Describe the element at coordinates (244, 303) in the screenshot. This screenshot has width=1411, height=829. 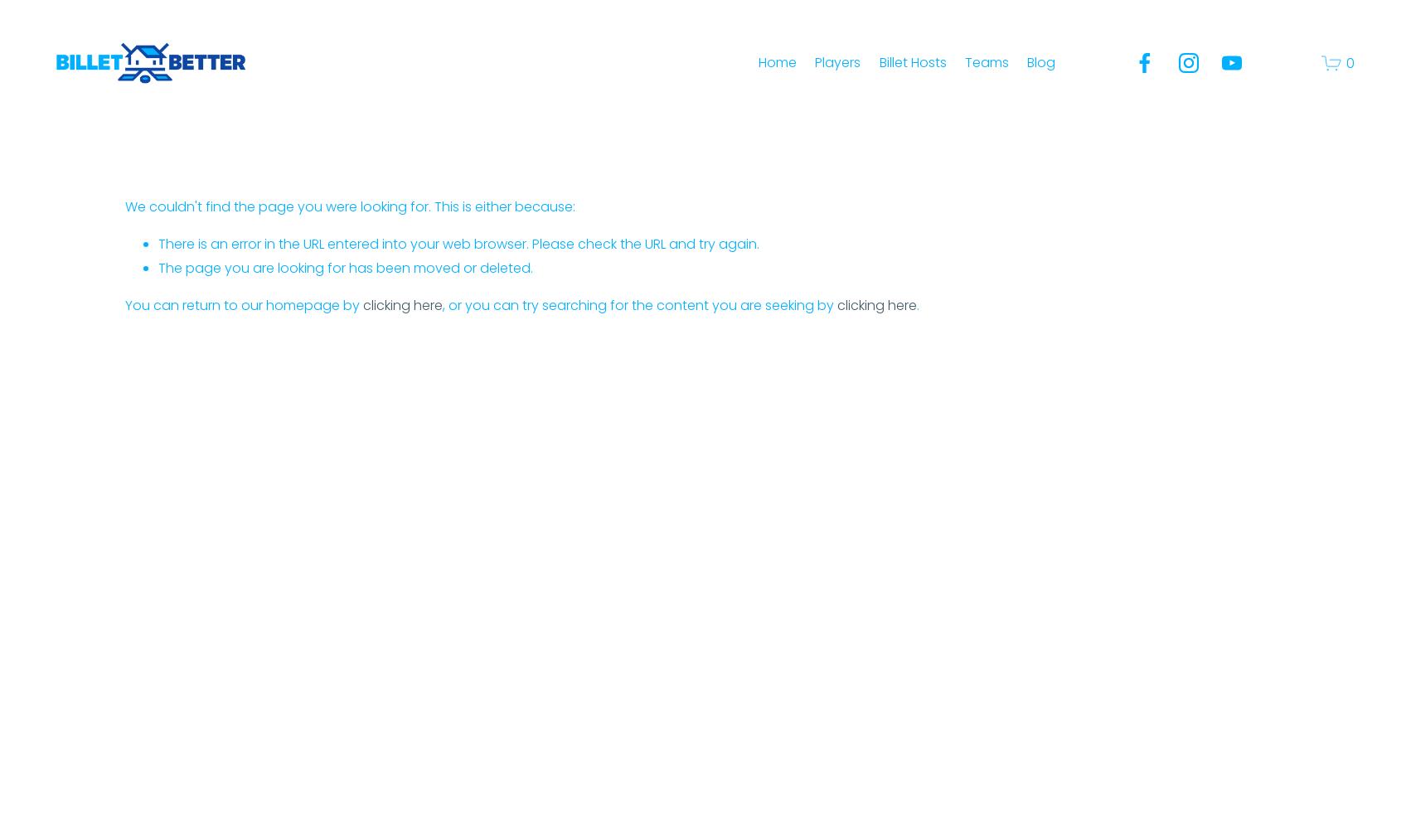
I see `'You can return to our homepage by'` at that location.